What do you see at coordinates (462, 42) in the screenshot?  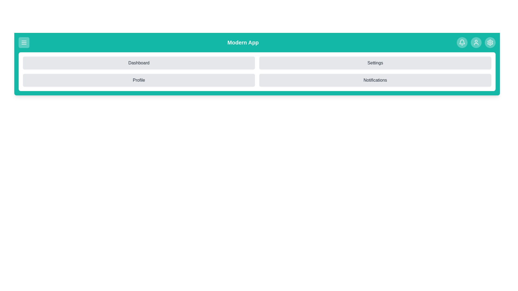 I see `the notification icon in the top-right corner of the app bar` at bounding box center [462, 42].